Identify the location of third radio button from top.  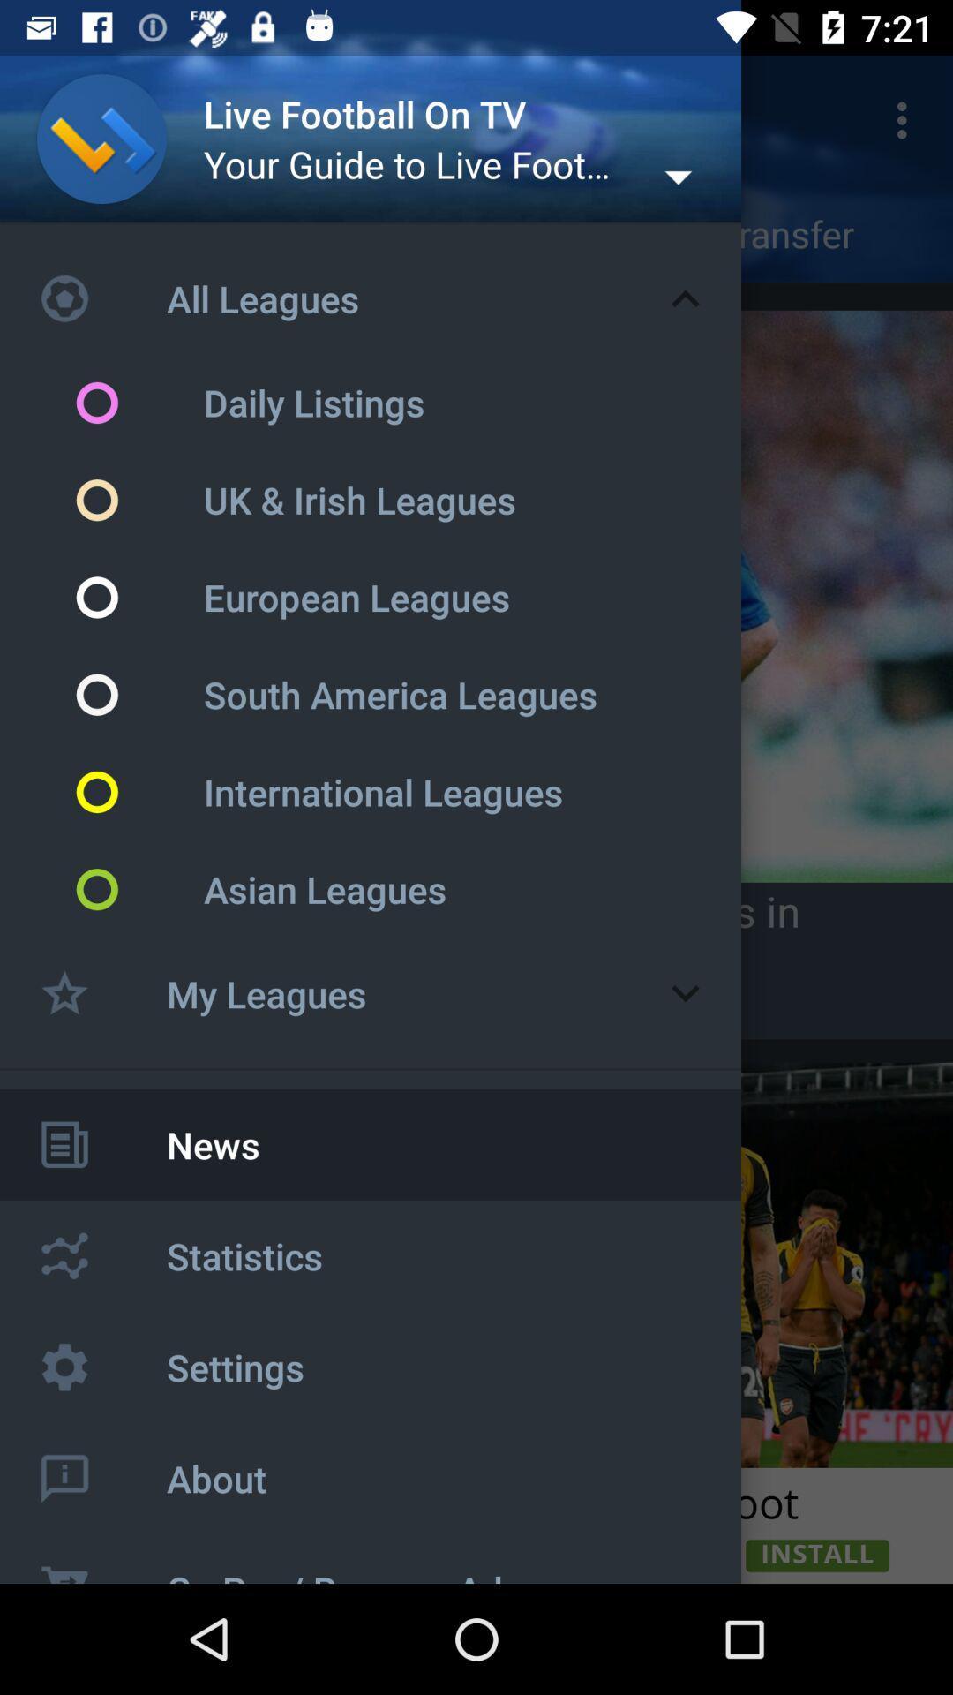
(138, 597).